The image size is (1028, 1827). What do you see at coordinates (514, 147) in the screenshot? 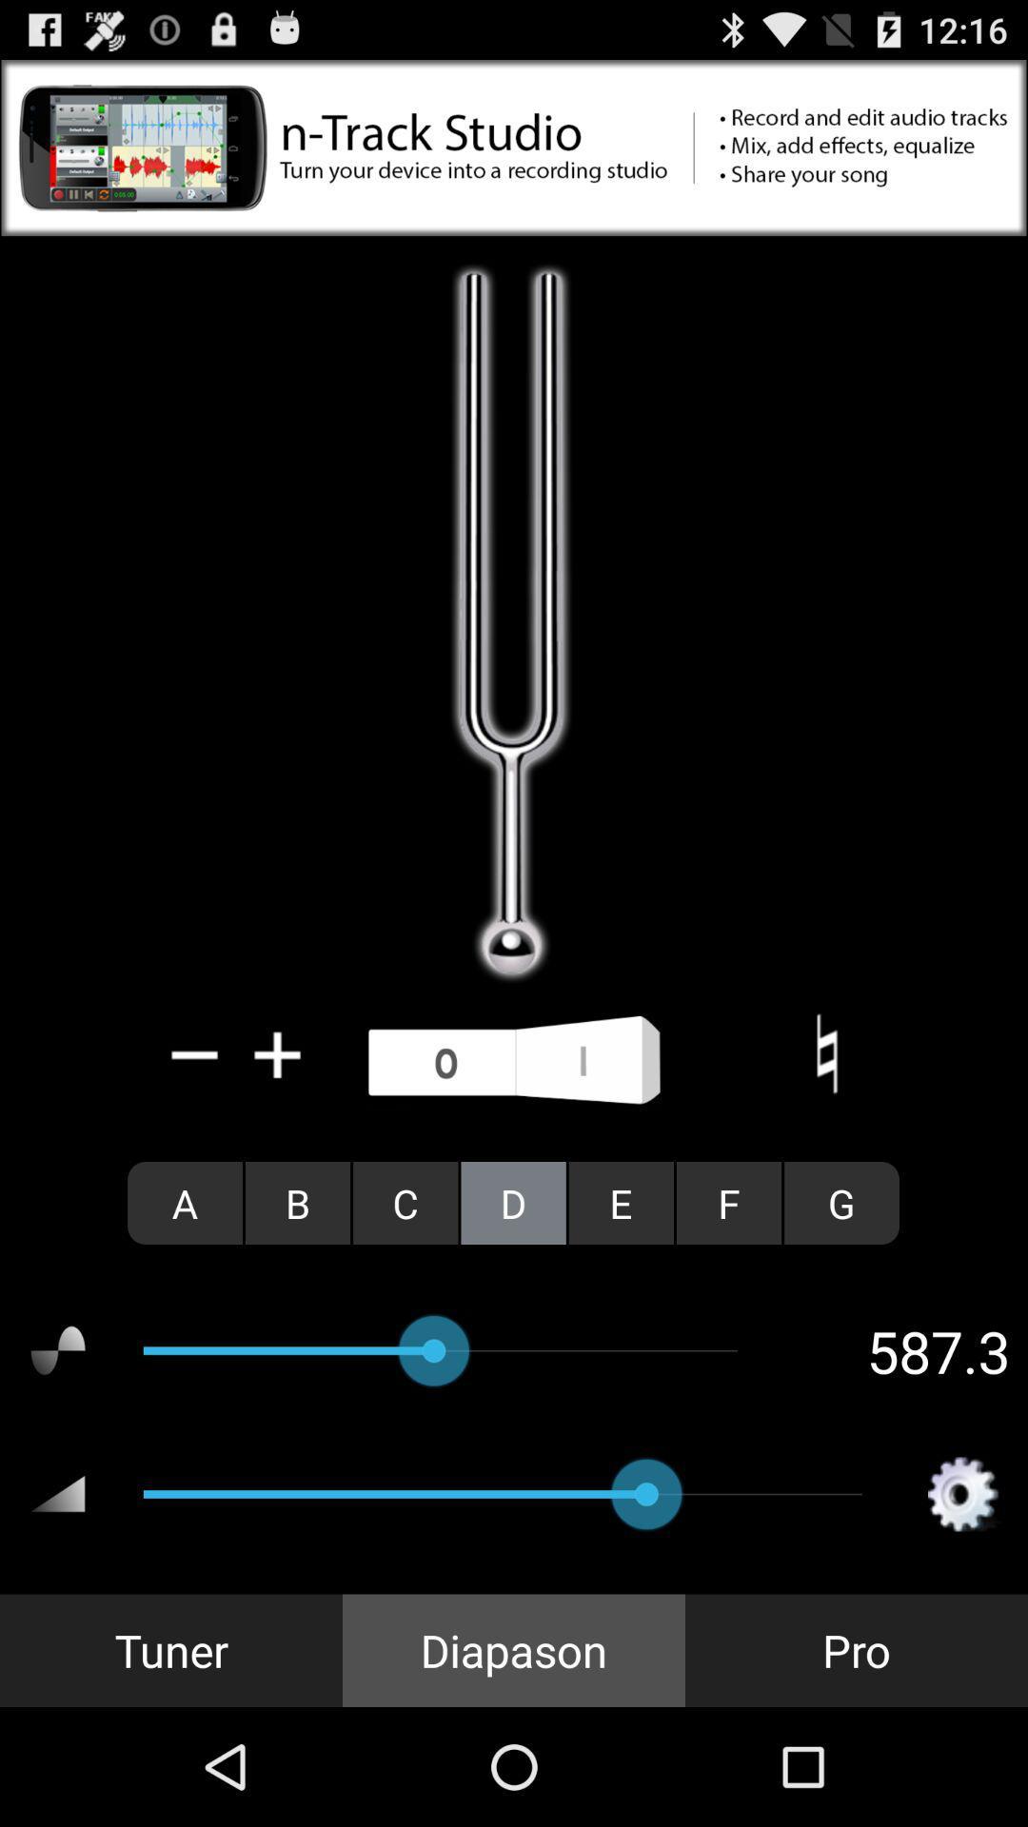
I see `open advertisement` at bounding box center [514, 147].